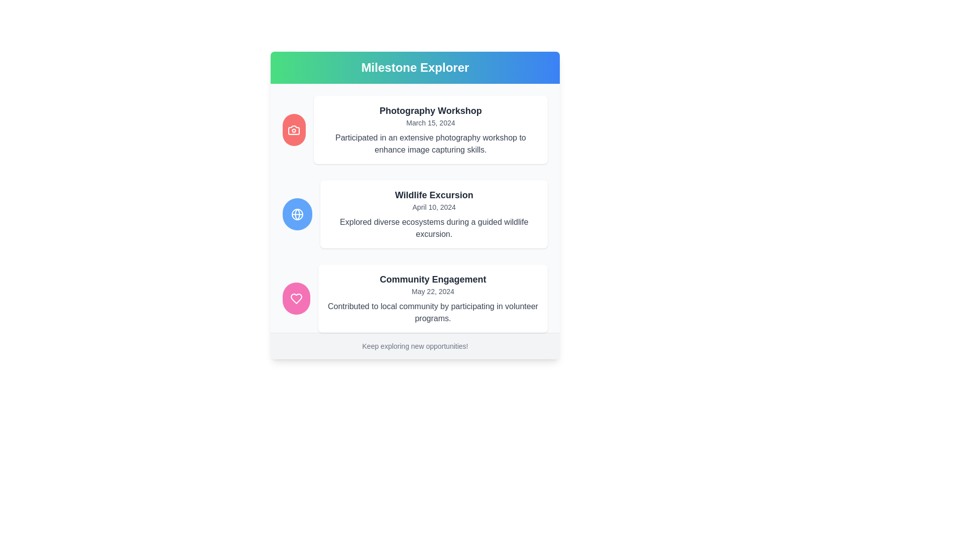 This screenshot has height=542, width=964. I want to click on the heart-shaped icon with a pink background, so click(296, 298).